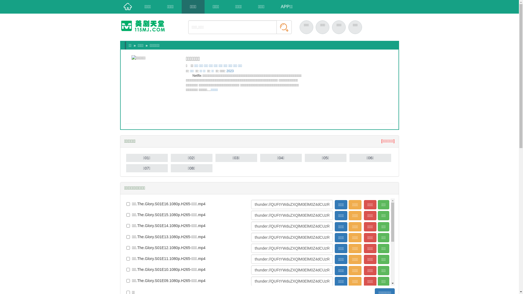  Describe the element at coordinates (226, 71) in the screenshot. I see `'2023'` at that location.